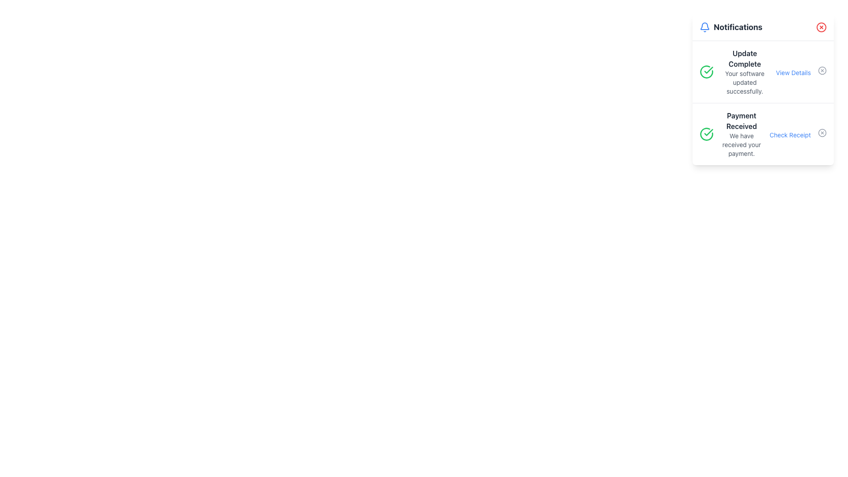 The width and height of the screenshot is (848, 477). Describe the element at coordinates (704, 26) in the screenshot. I see `the blue stylized bell icon located in the upper left area of the notification panel header` at that location.